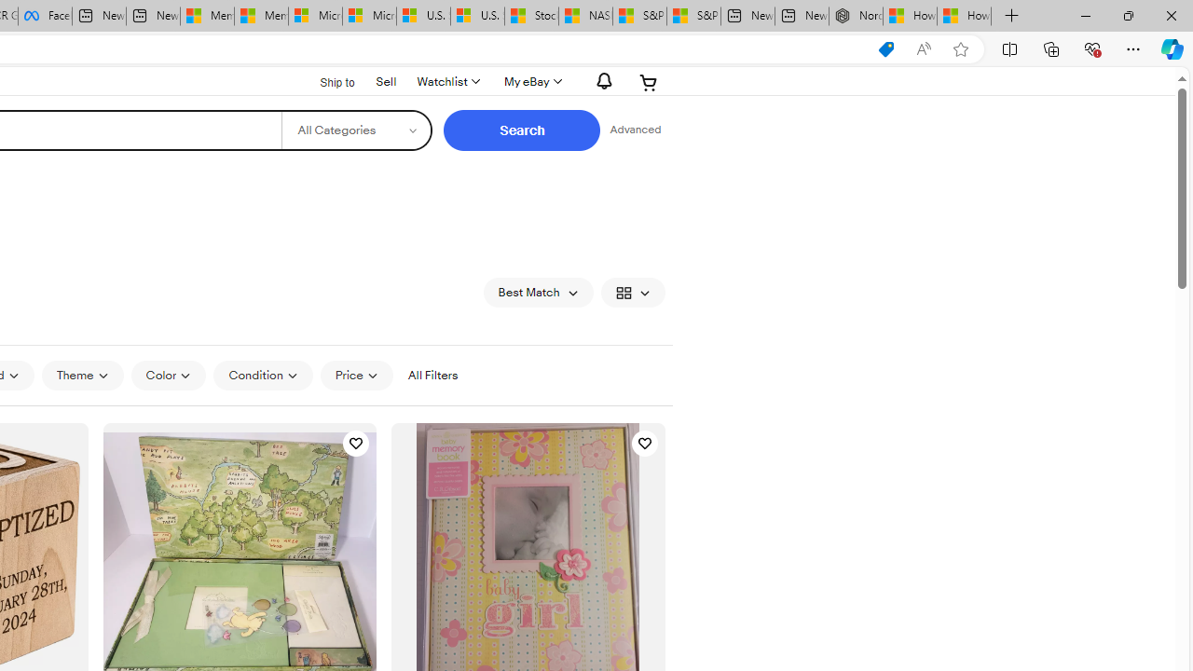 Image resolution: width=1193 pixels, height=671 pixels. What do you see at coordinates (45, 16) in the screenshot?
I see `'Facebook'` at bounding box center [45, 16].